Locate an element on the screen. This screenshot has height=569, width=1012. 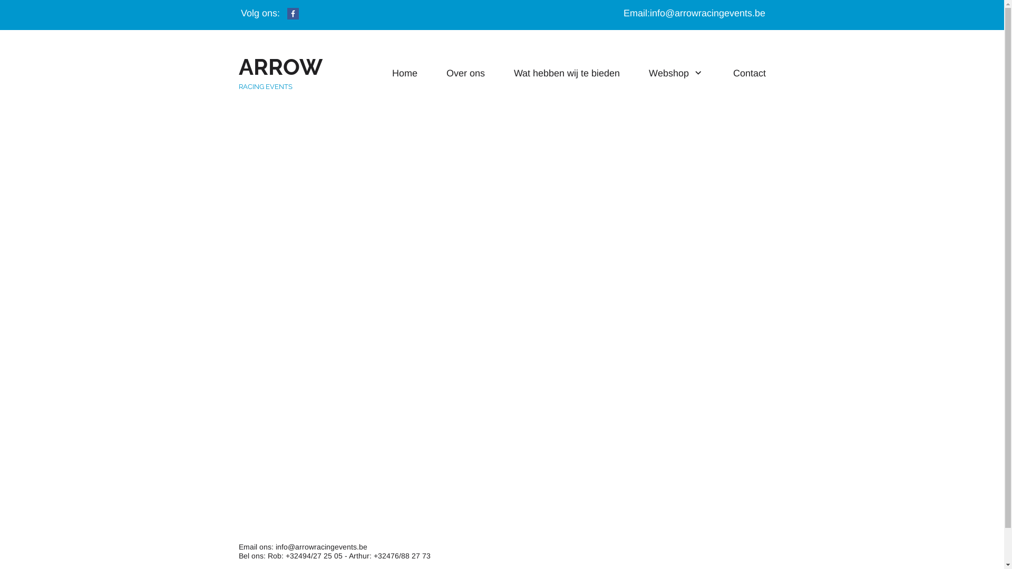
'Over ons' is located at coordinates (465, 72).